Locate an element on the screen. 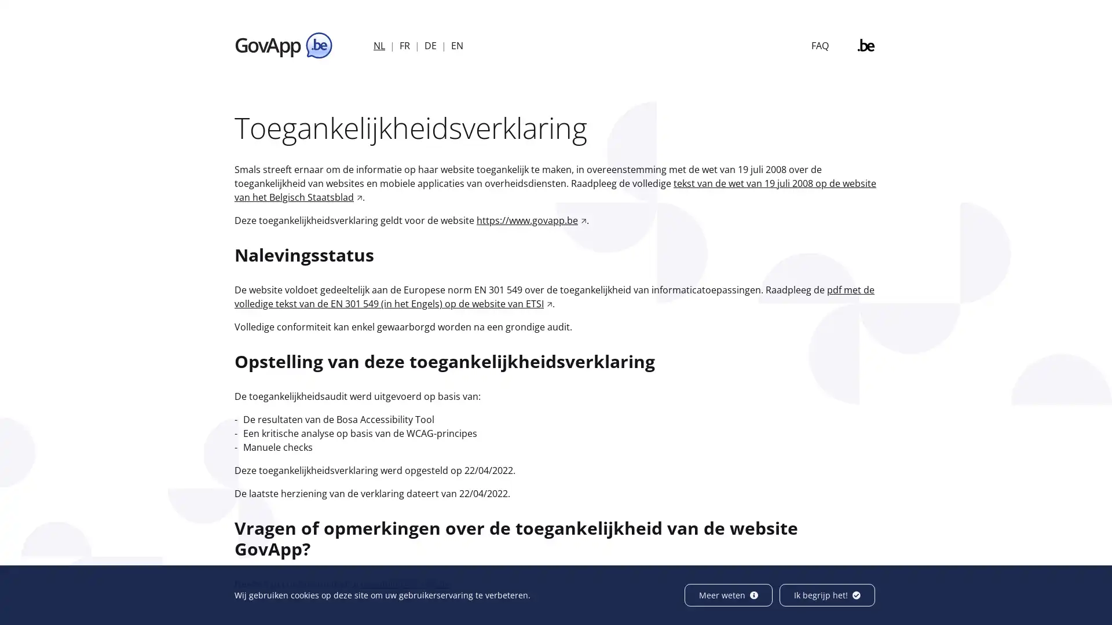 The image size is (1112, 625). Ik begrijp het! is located at coordinates (826, 595).